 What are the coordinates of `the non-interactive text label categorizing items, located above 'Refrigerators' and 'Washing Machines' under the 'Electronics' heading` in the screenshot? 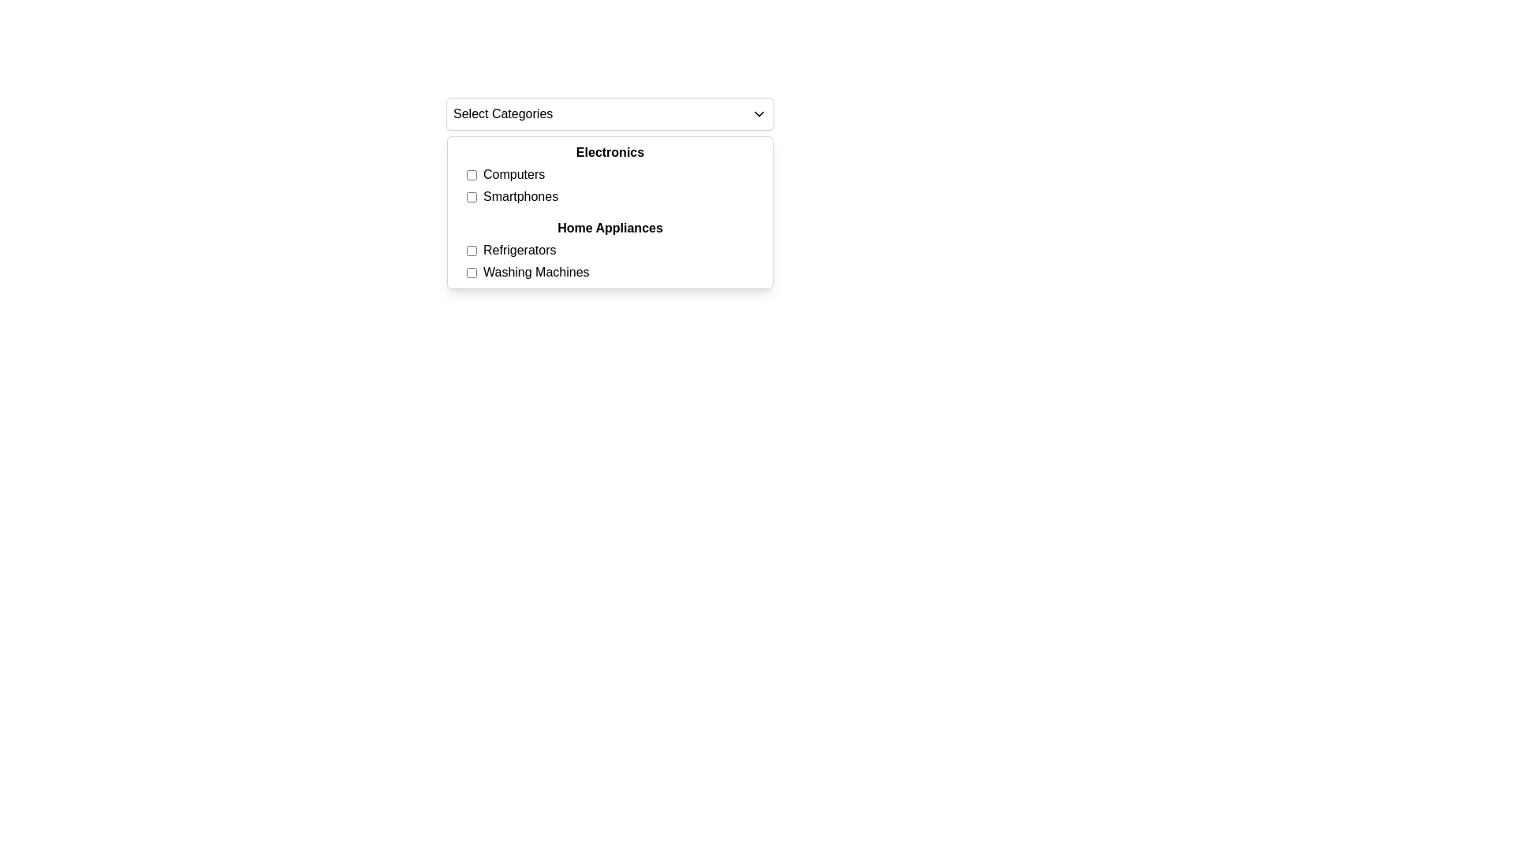 It's located at (609, 228).